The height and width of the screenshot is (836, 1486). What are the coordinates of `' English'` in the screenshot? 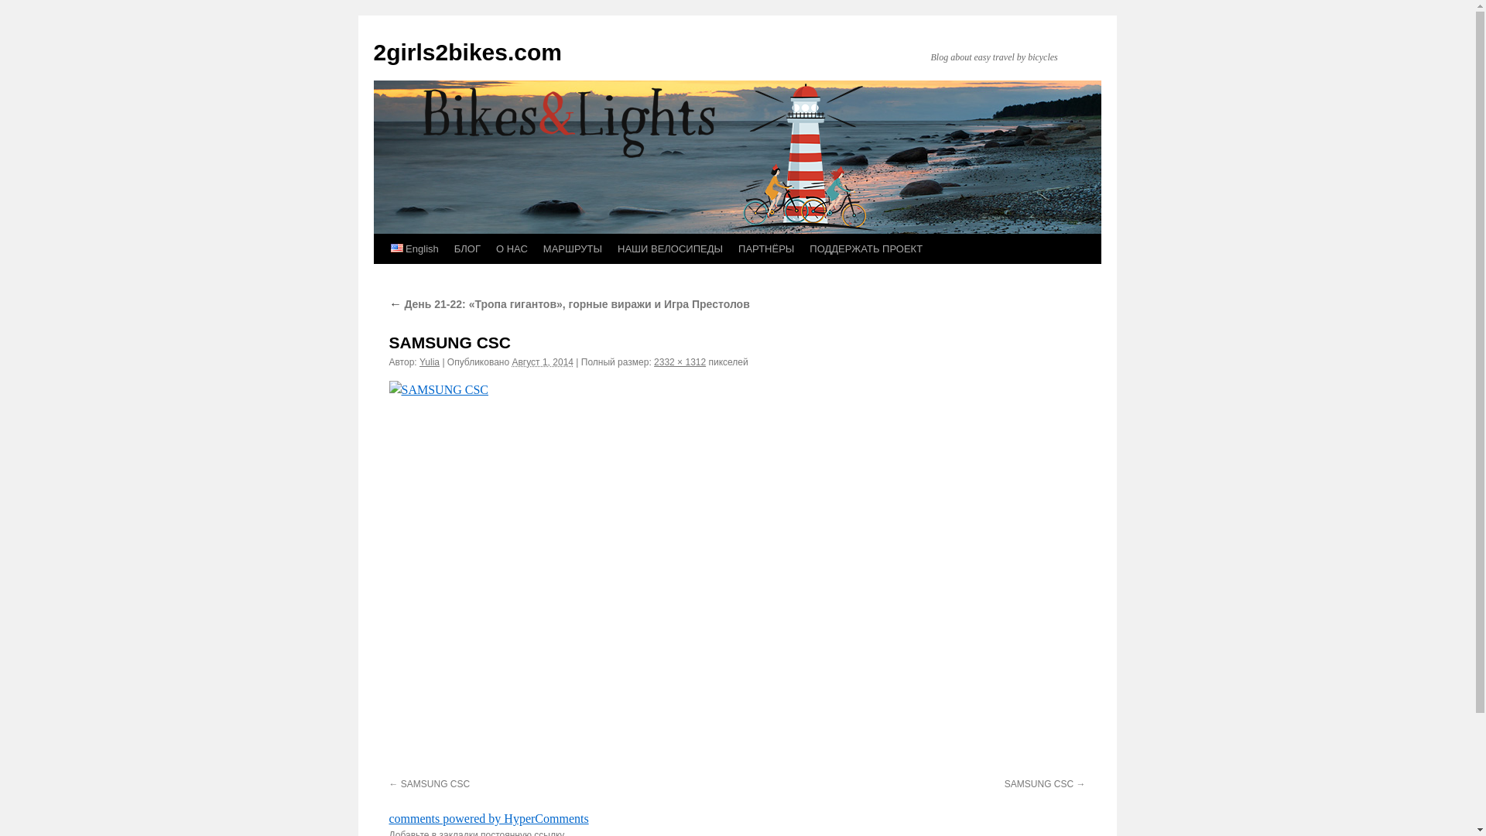 It's located at (382, 248).